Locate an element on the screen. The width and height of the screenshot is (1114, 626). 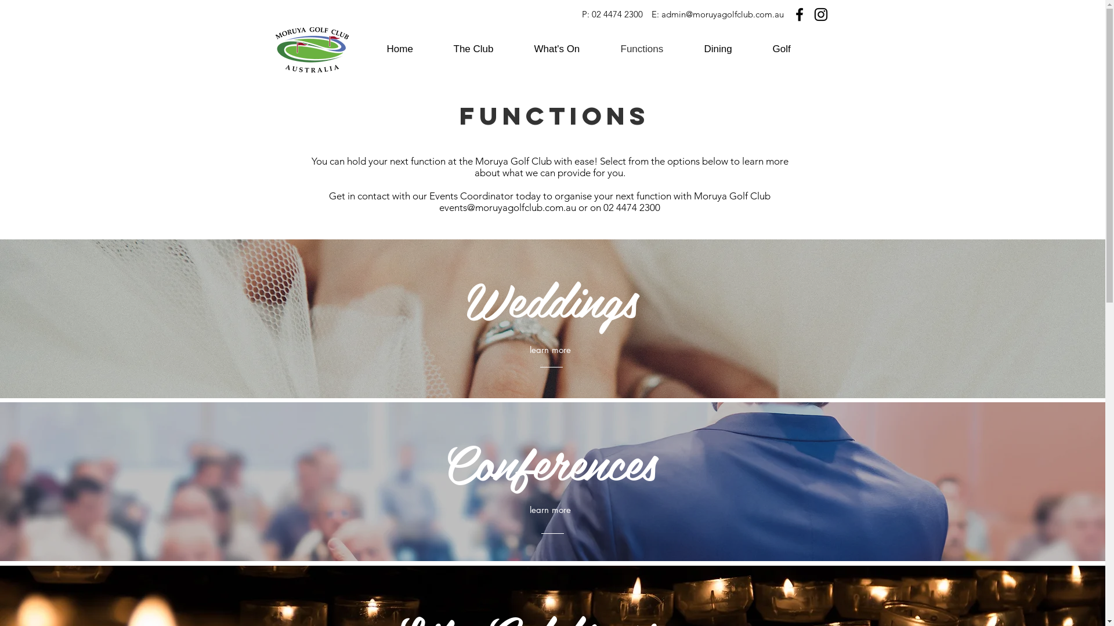
'learn more' is located at coordinates (549, 350).